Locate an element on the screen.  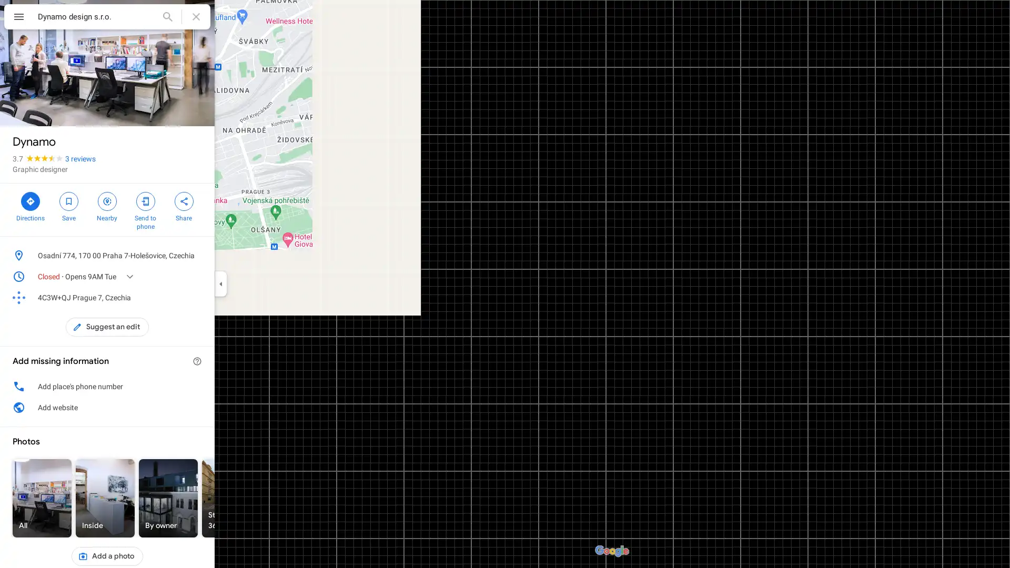
5 photos is located at coordinates (35, 109).